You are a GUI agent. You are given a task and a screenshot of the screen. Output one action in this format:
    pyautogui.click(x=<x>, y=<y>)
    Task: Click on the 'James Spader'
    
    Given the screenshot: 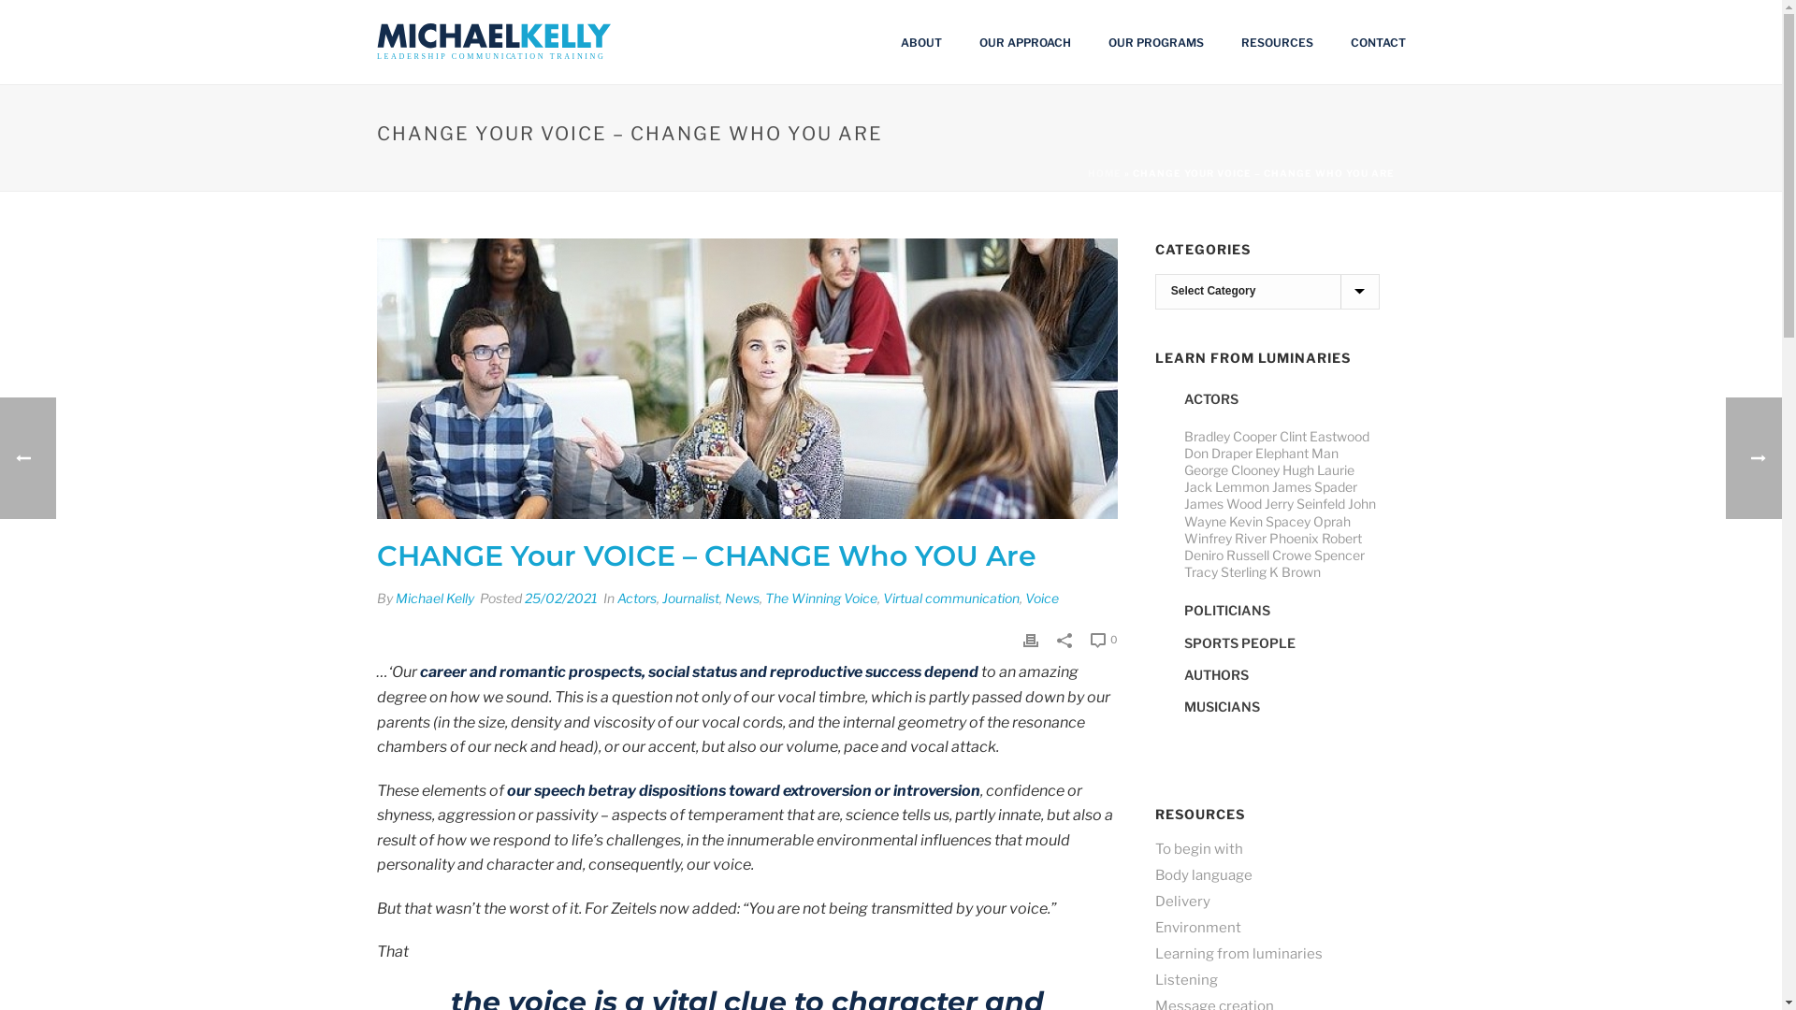 What is the action you would take?
    pyautogui.click(x=1313, y=485)
    